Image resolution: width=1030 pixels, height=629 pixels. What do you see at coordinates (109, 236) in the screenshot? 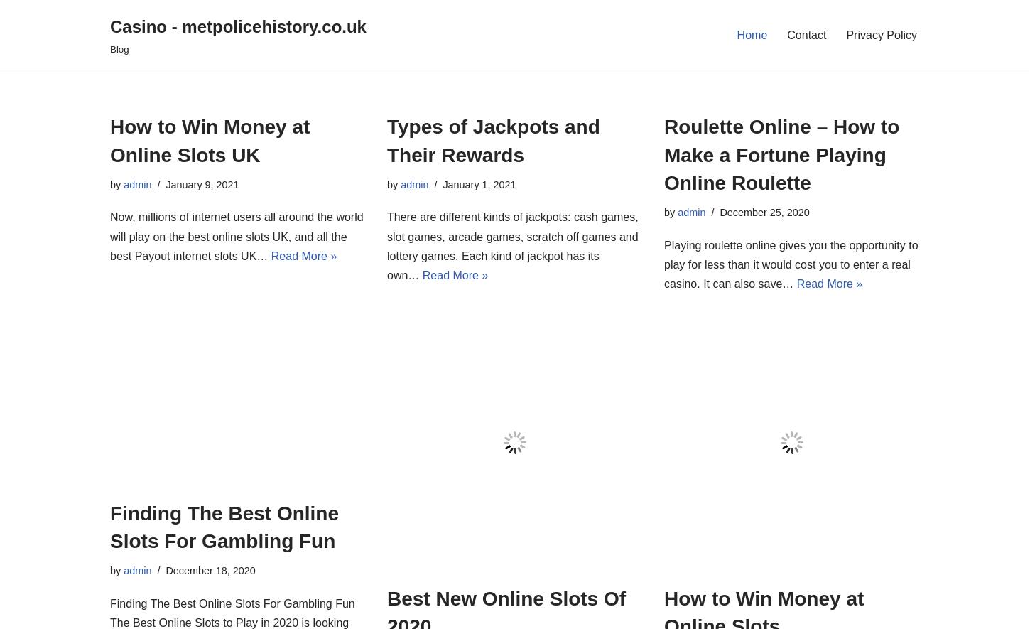
I see `'Now, millions of internet users all around the world will play on the best online slots UK, and all the best Payout internet slots UK…'` at bounding box center [109, 236].